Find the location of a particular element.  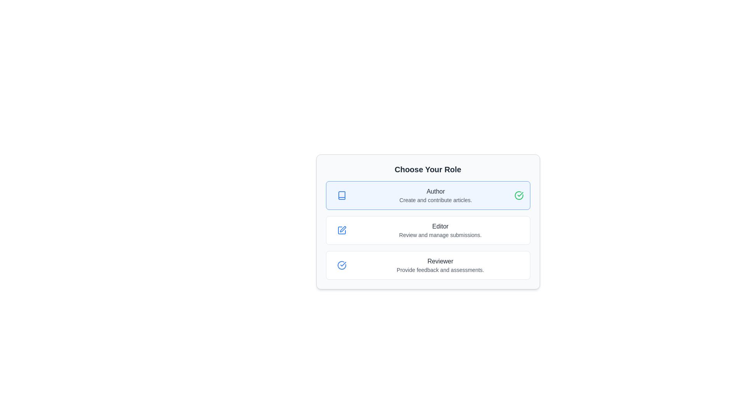

the status indicator icon for the 'Author' option in the role selection interface is located at coordinates (519, 195).